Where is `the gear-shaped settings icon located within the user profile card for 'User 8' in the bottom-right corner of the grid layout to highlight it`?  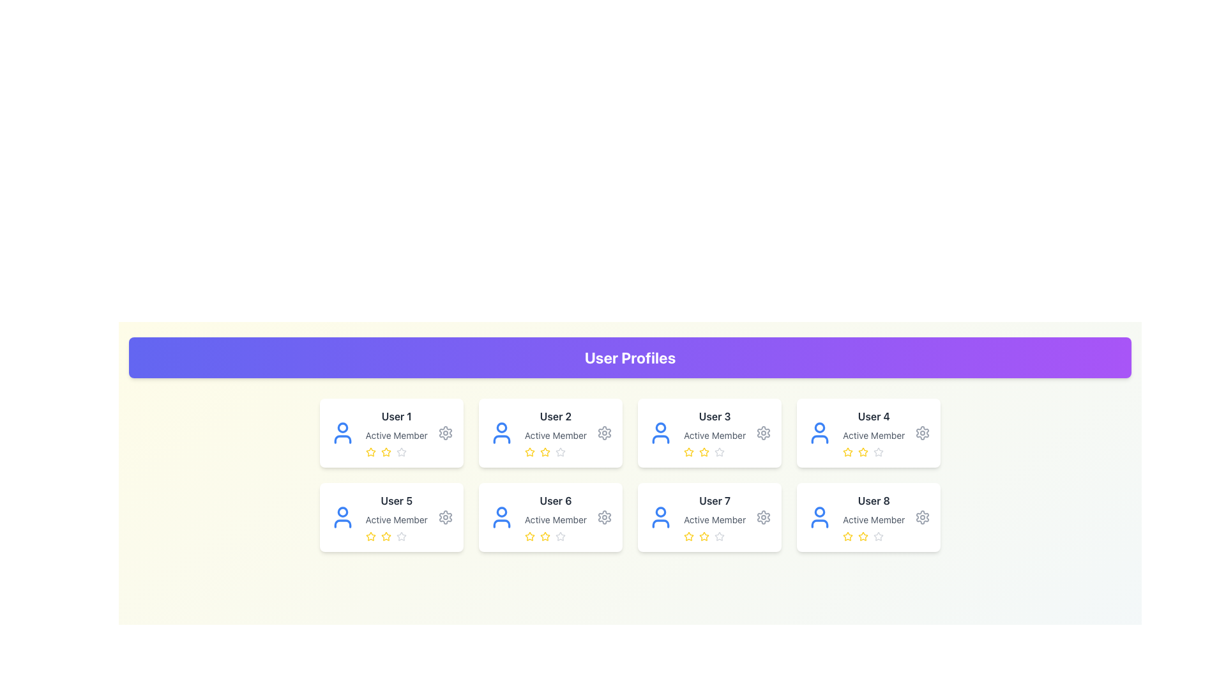 the gear-shaped settings icon located within the user profile card for 'User 8' in the bottom-right corner of the grid layout to highlight it is located at coordinates (923, 517).